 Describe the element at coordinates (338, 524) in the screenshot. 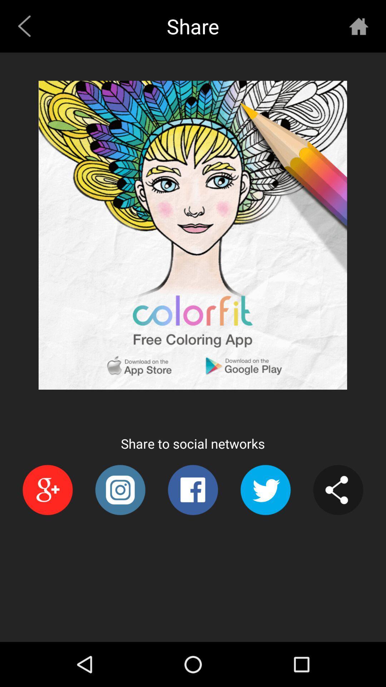

I see `the share icon` at that location.